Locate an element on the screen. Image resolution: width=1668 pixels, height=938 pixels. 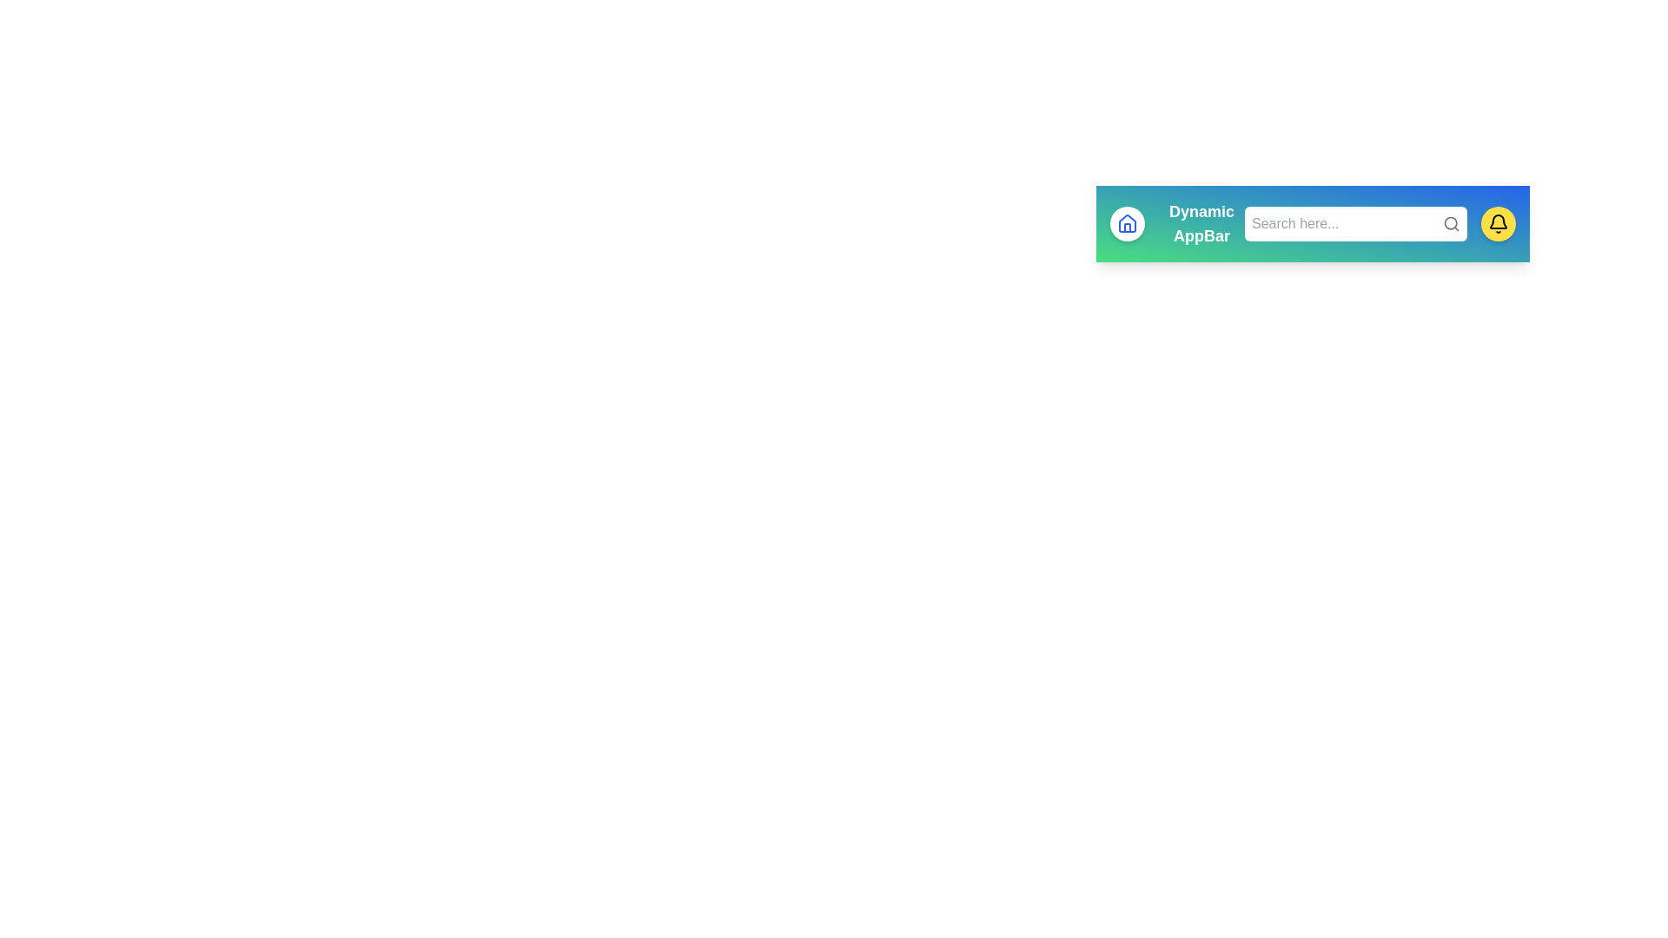
the search bar and type the text 'example' is located at coordinates (1354, 223).